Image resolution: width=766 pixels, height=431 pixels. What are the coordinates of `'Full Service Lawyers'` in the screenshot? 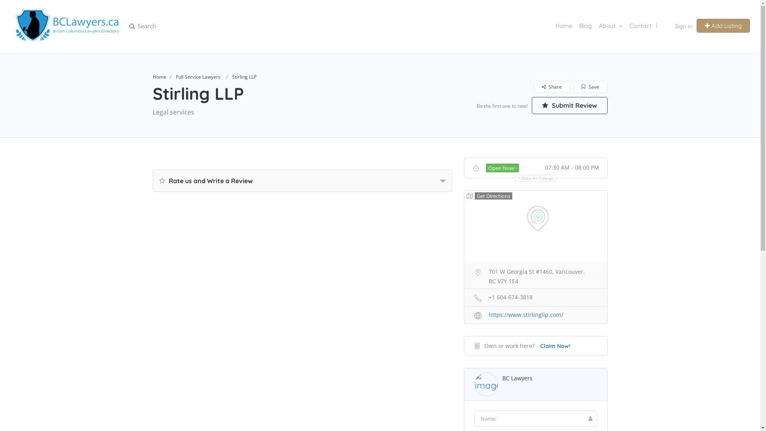 It's located at (197, 77).